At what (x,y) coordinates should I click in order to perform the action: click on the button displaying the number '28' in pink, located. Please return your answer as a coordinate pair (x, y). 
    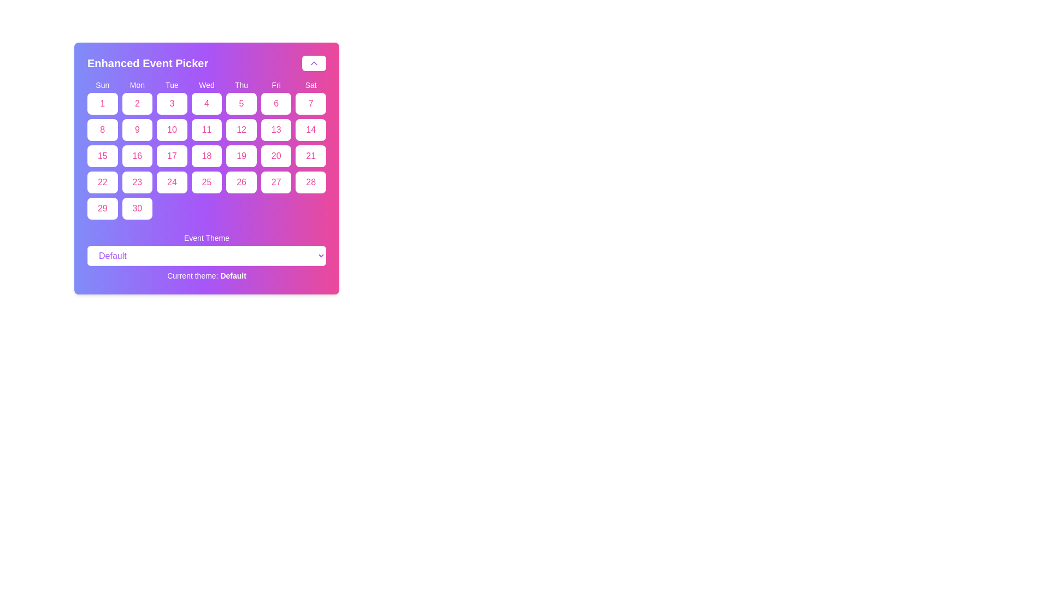
    Looking at the image, I should click on (310, 182).